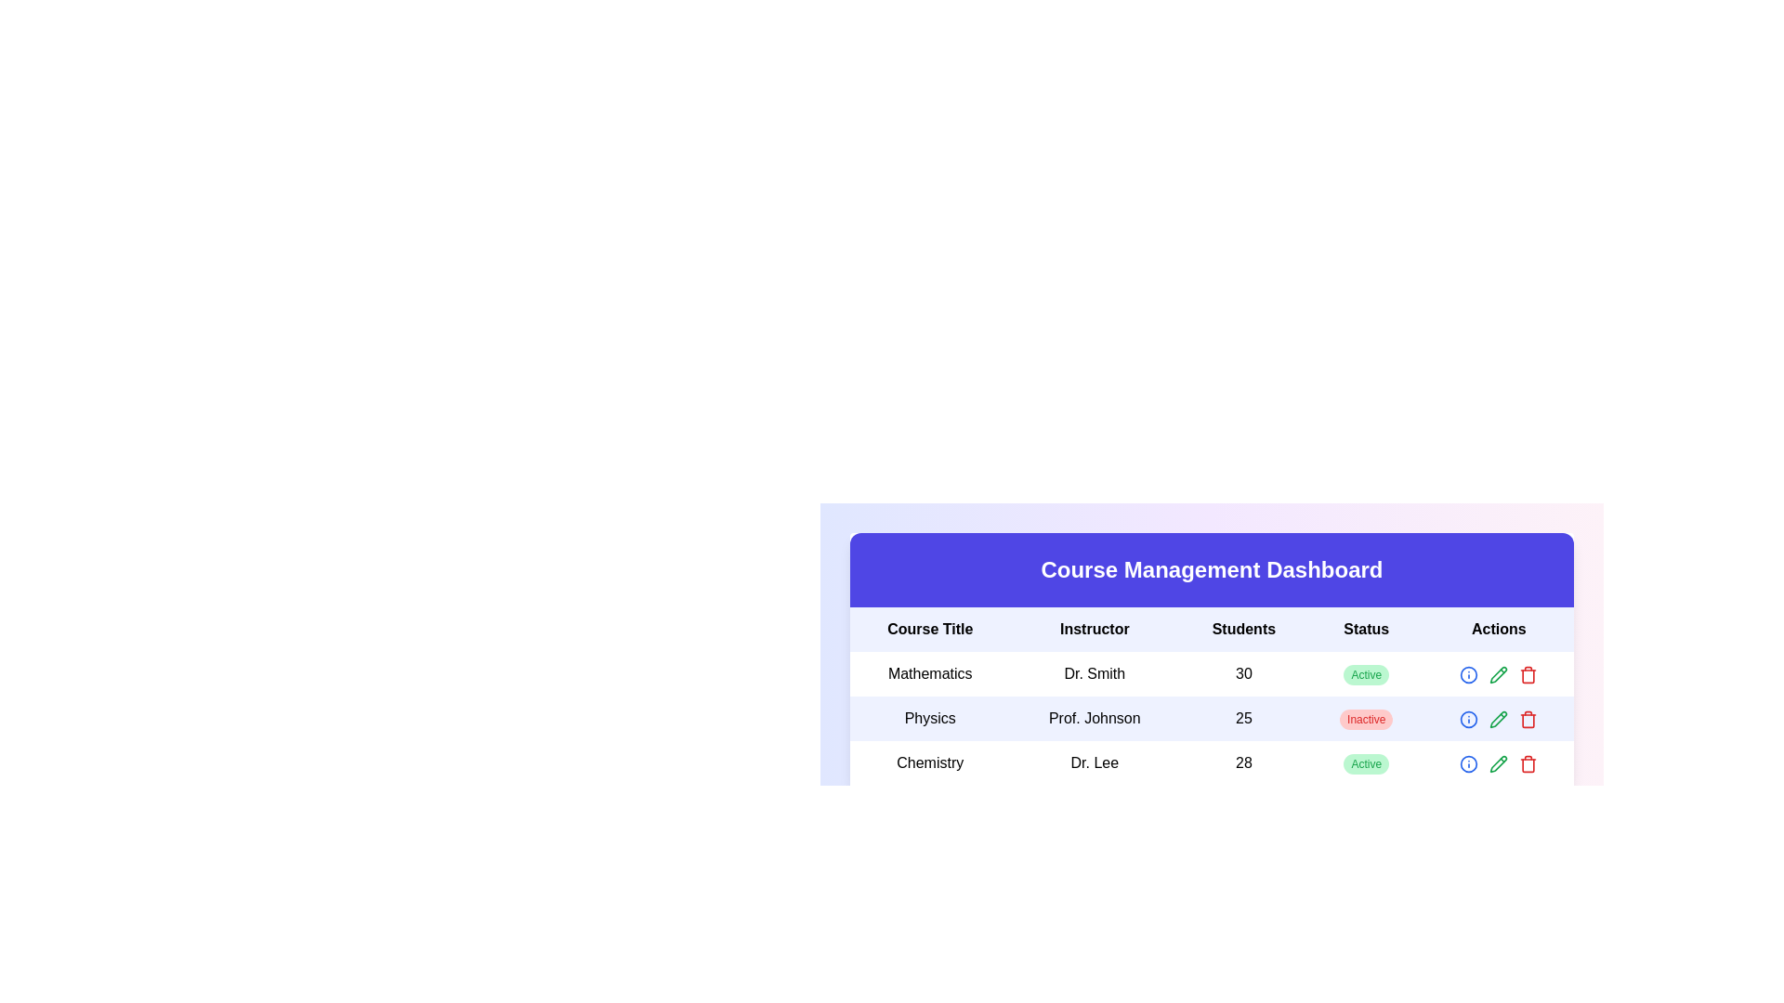 Image resolution: width=1784 pixels, height=1003 pixels. What do you see at coordinates (1499, 674) in the screenshot?
I see `the green pencil icon in the 'Actions' column of the second row in the 'Course Management Dashboard' associated with the 'Physics' course` at bounding box center [1499, 674].